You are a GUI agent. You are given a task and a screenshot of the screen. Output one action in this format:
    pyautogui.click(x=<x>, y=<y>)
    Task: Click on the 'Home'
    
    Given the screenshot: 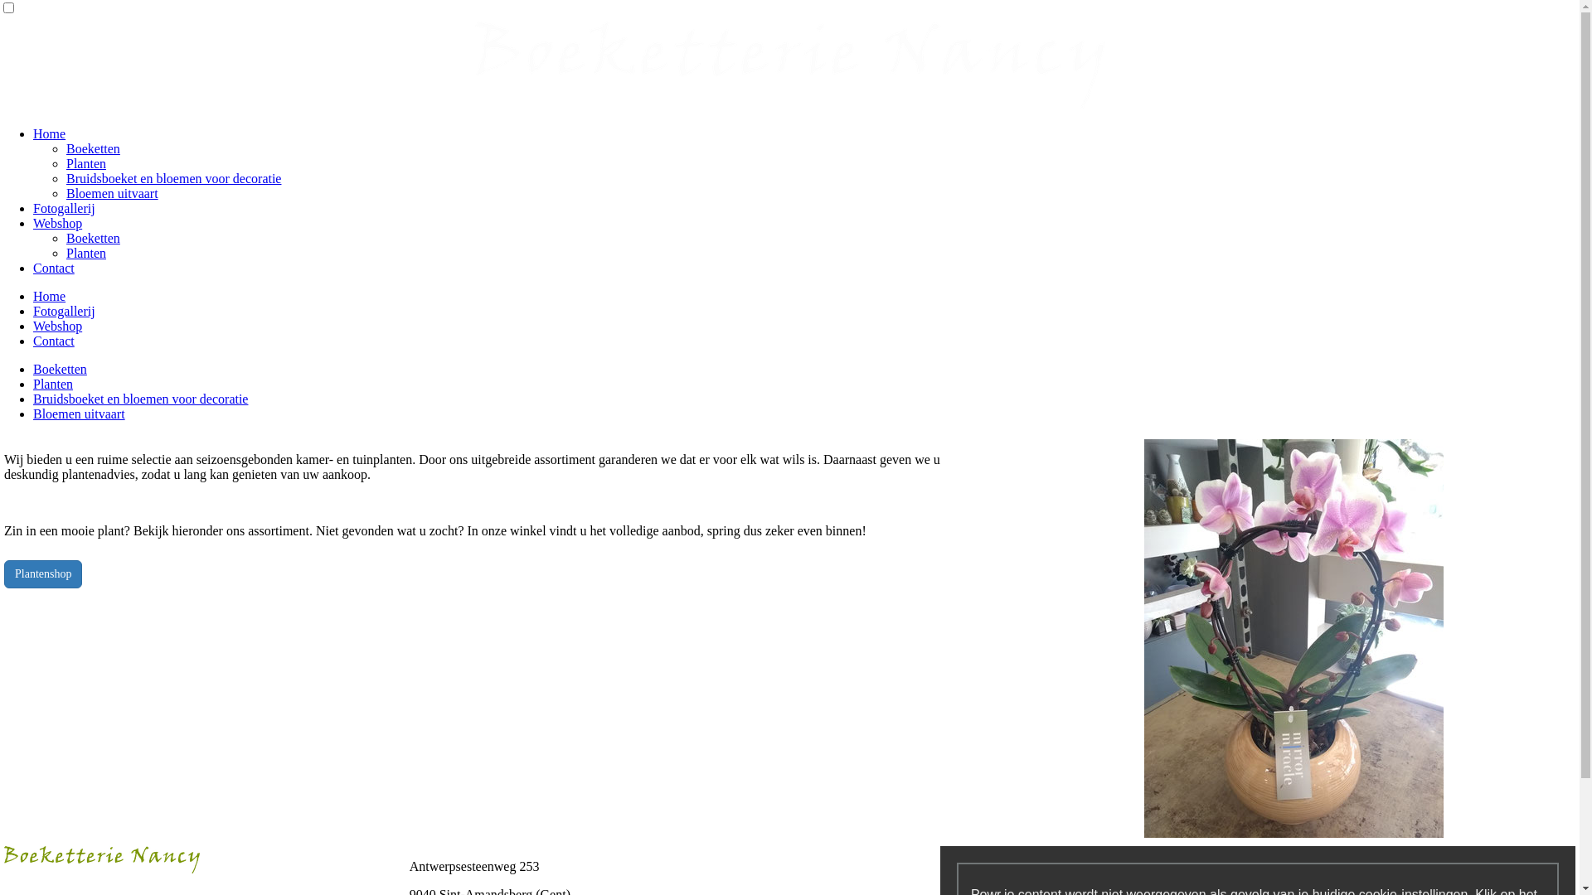 What is the action you would take?
    pyautogui.click(x=32, y=133)
    